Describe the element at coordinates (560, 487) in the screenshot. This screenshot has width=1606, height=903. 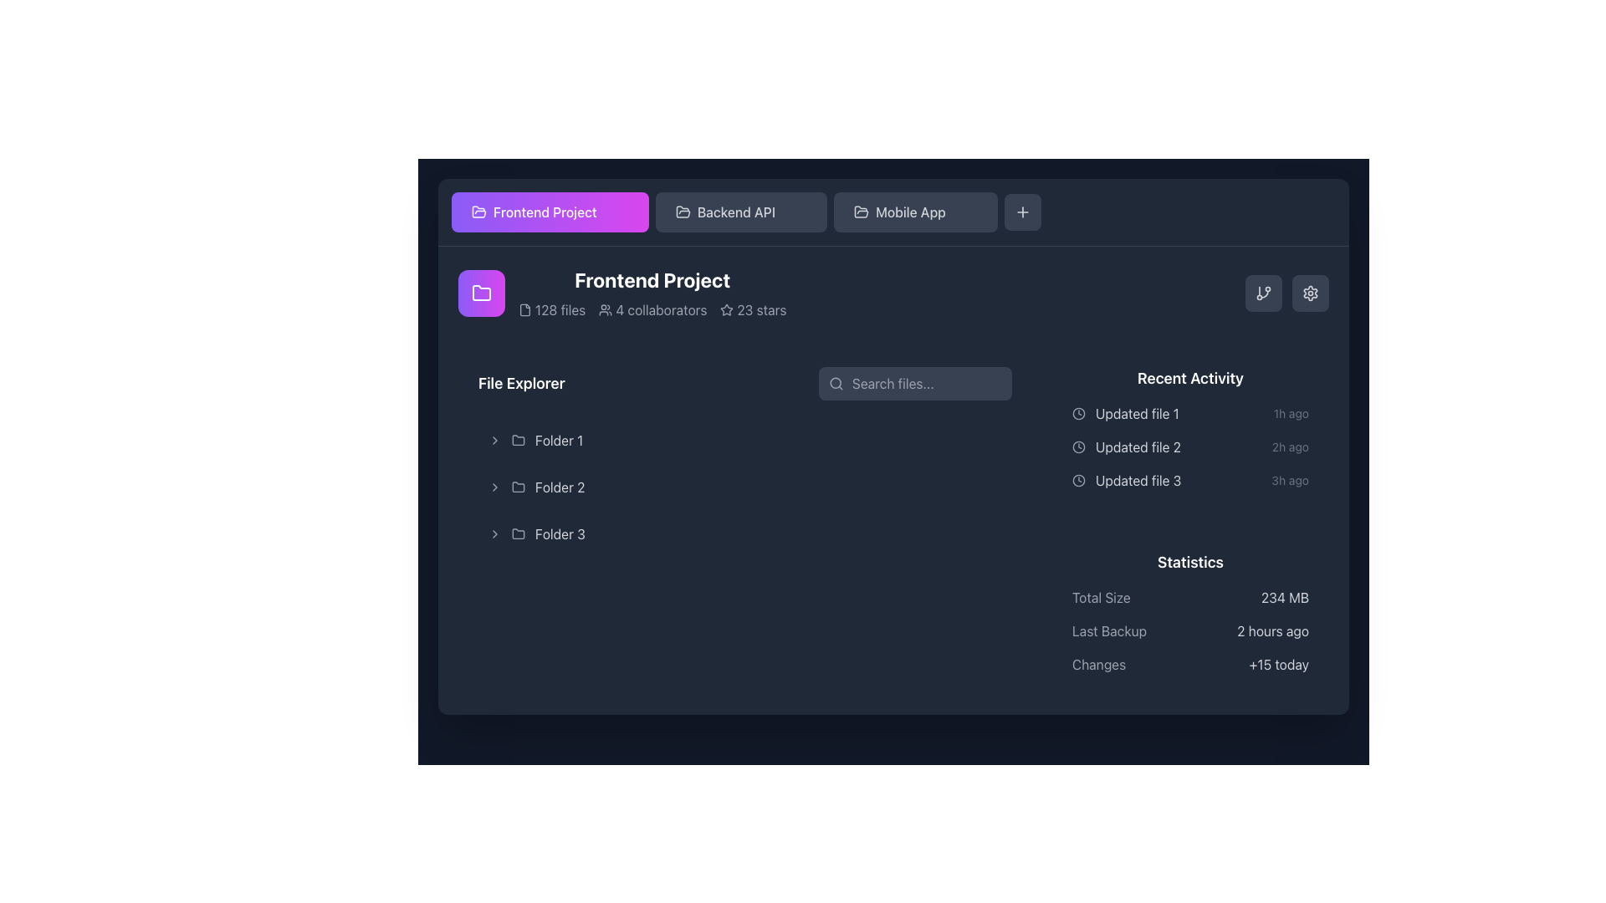
I see `the text label for the folder item in the File Explorer, which is the second item in the list` at that location.